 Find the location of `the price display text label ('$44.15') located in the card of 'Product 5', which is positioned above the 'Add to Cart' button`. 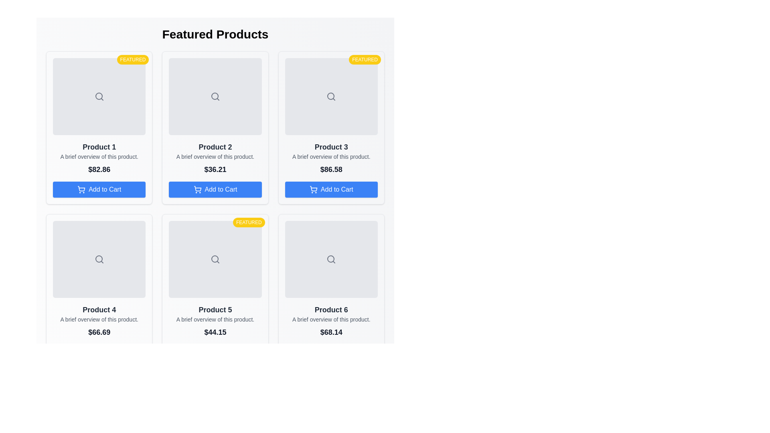

the price display text label ('$44.15') located in the card of 'Product 5', which is positioned above the 'Add to Cart' button is located at coordinates (215, 332).